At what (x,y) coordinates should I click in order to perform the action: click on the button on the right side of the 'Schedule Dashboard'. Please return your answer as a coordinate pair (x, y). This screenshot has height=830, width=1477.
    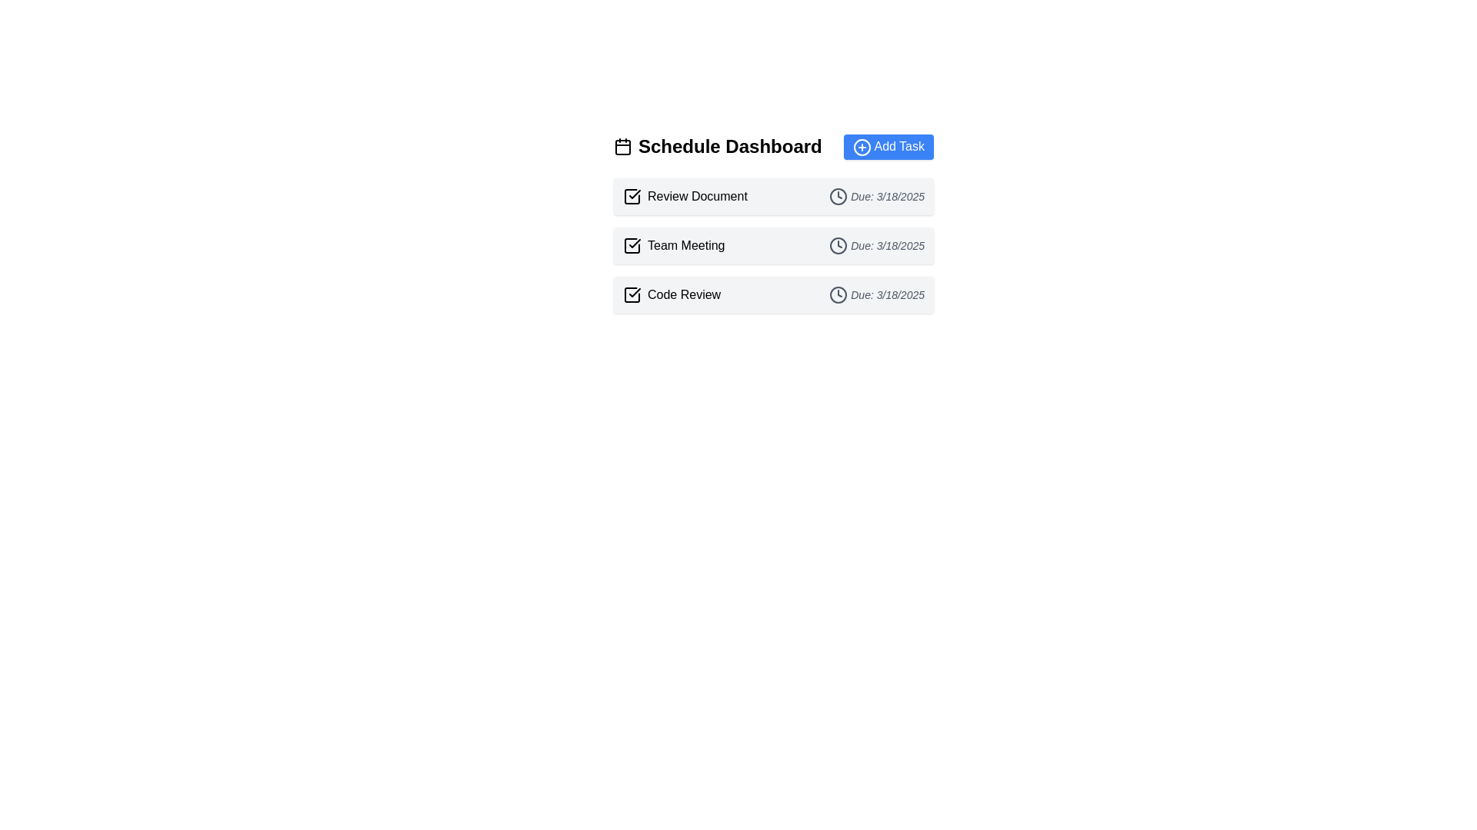
    Looking at the image, I should click on (889, 147).